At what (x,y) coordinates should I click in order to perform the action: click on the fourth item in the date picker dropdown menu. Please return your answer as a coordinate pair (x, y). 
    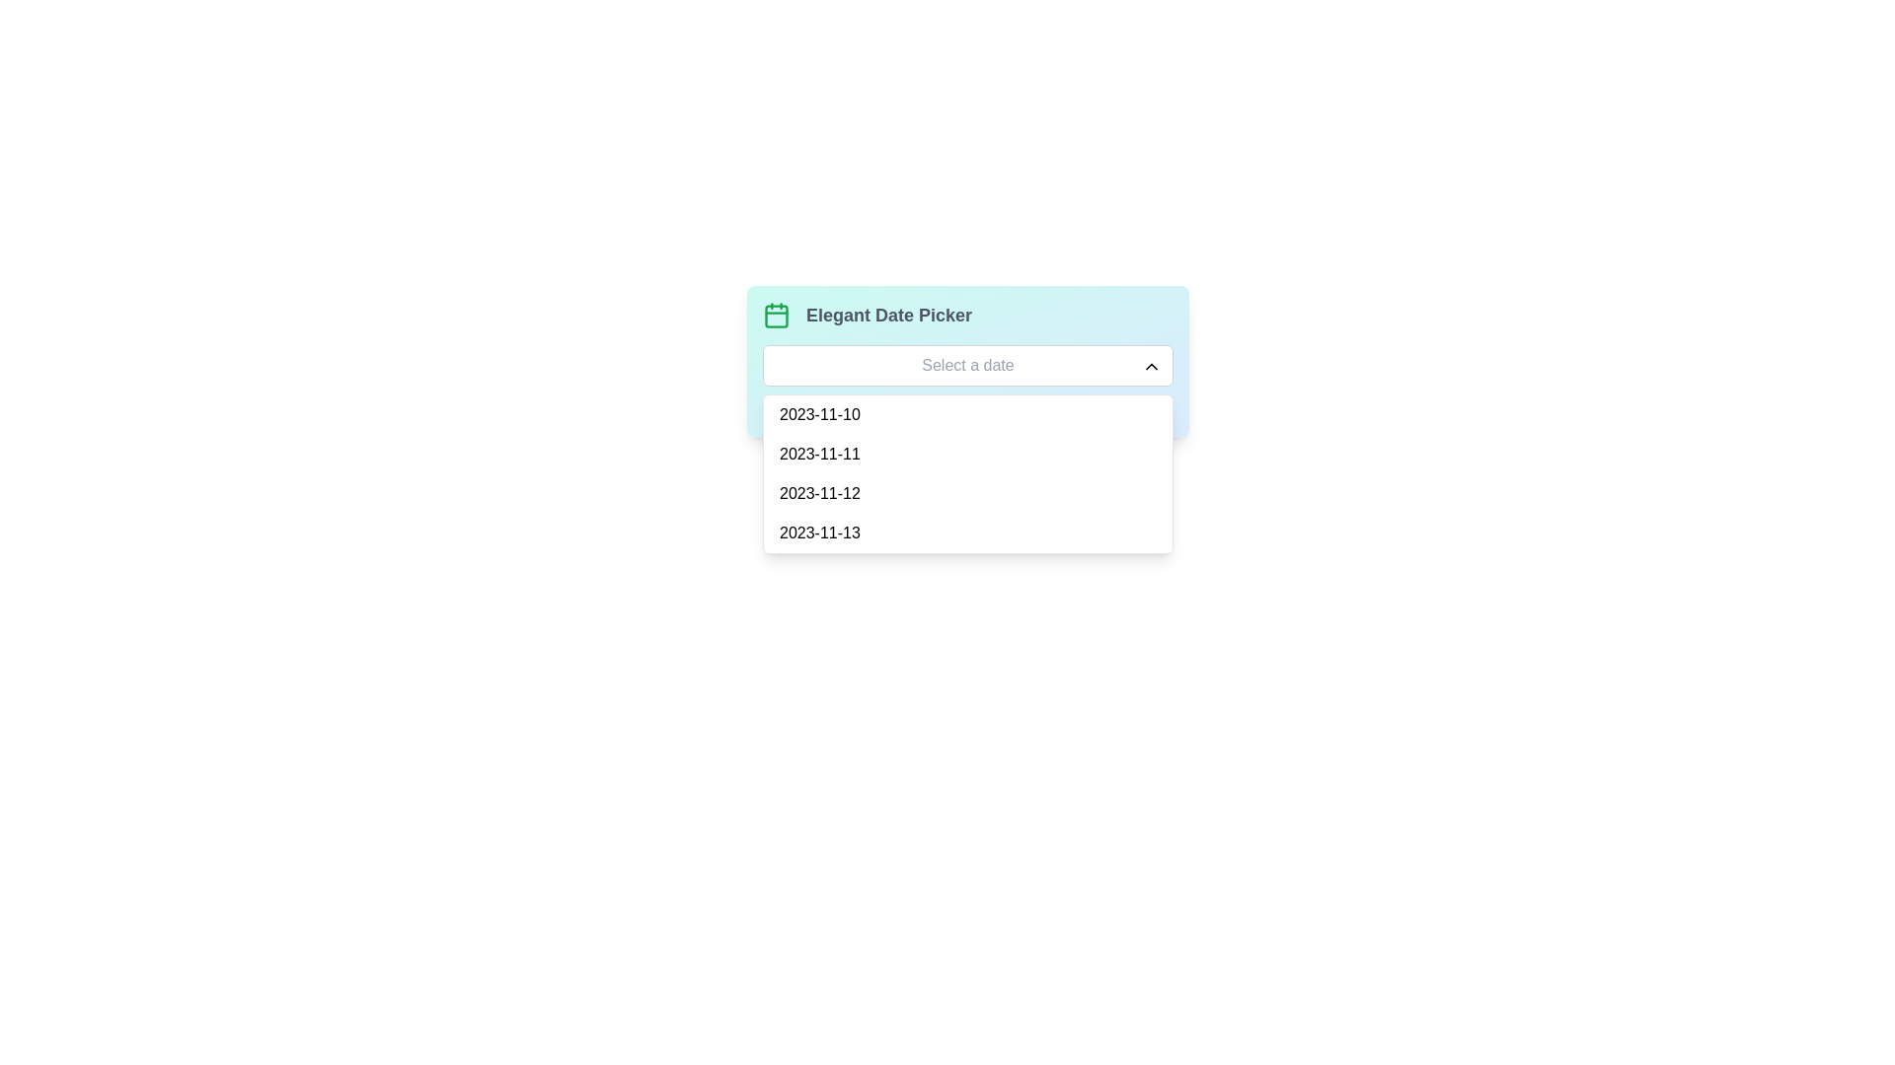
    Looking at the image, I should click on (967, 532).